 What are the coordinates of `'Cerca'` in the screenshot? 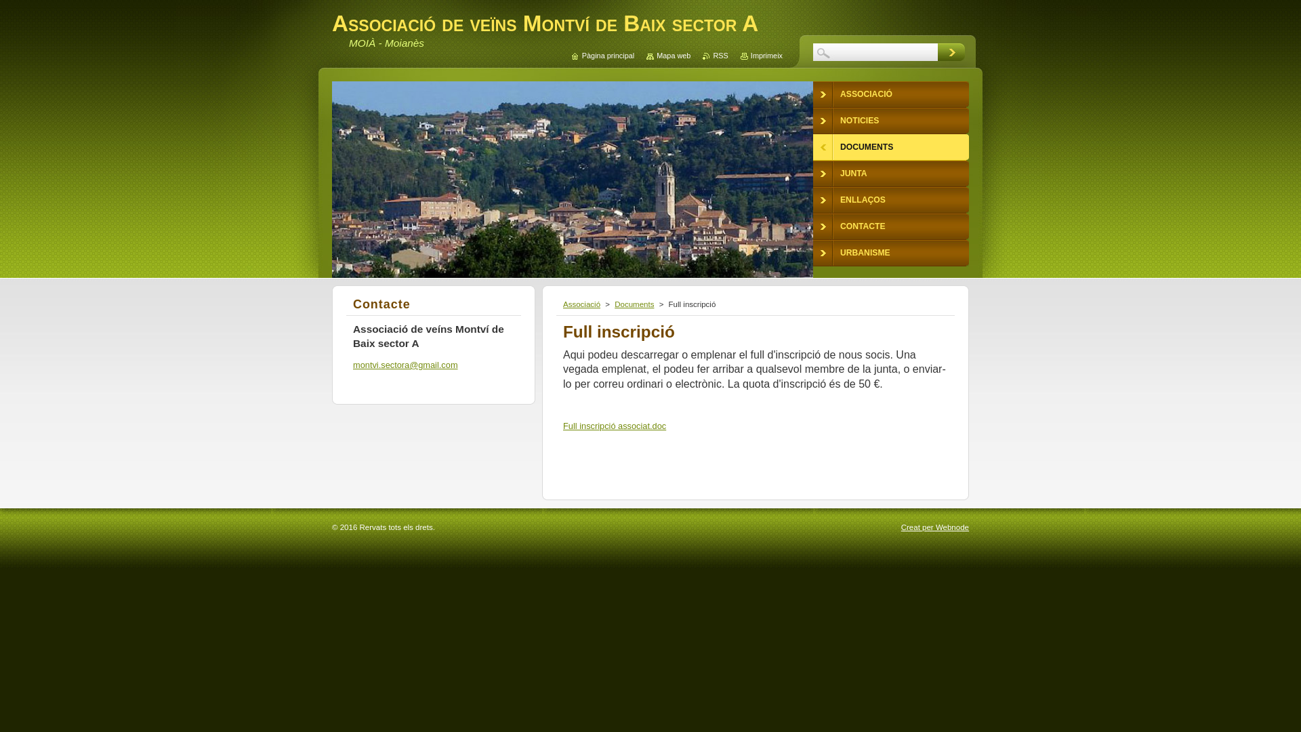 It's located at (951, 52).